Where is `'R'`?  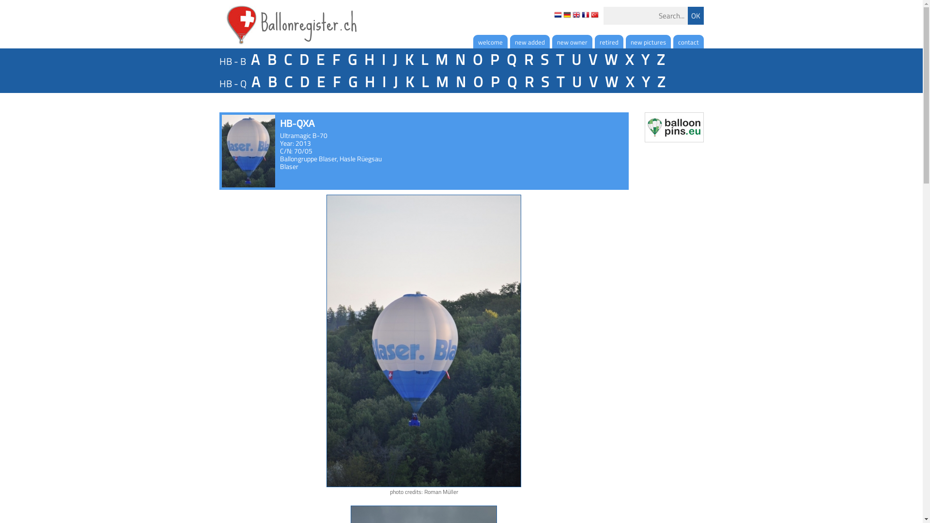
'R' is located at coordinates (520, 81).